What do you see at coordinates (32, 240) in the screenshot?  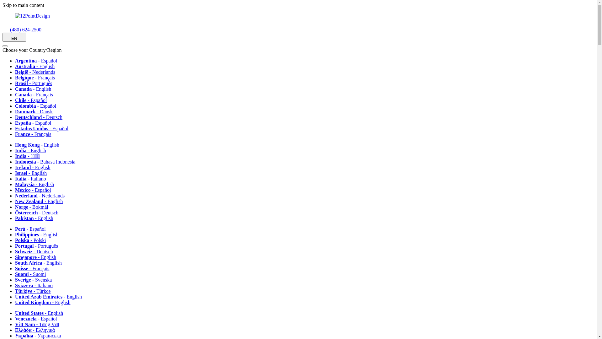 I see `'Polska - Polski'` at bounding box center [32, 240].